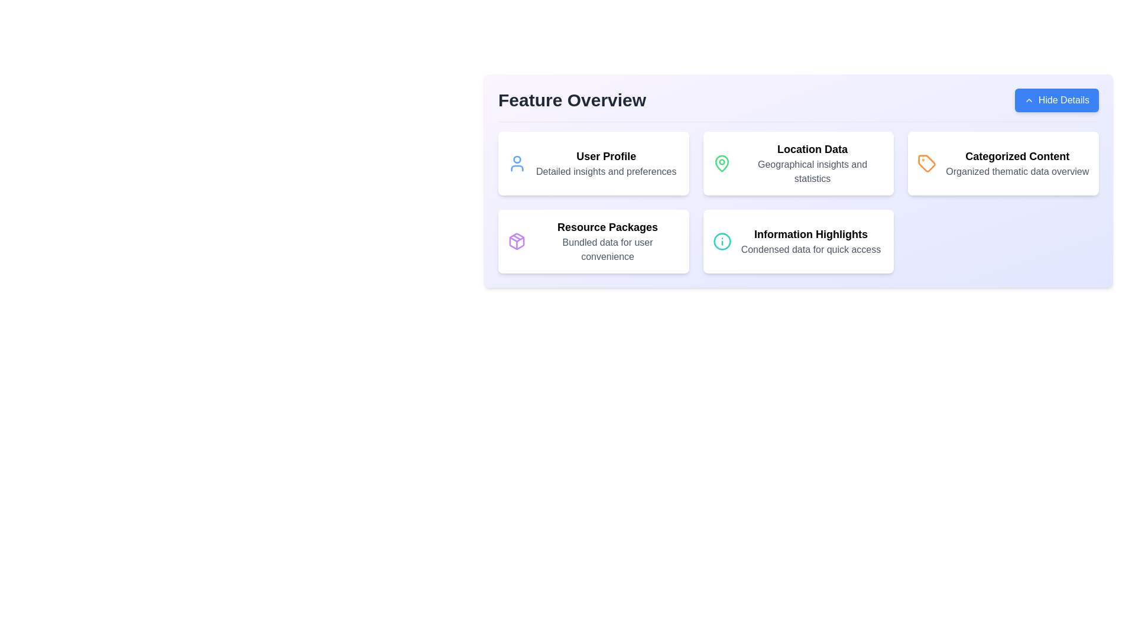 The height and width of the screenshot is (638, 1135). I want to click on the Text label that provides a brief description within the 'Information Highlights' card, located in the 'Feature Overview' section, so click(810, 249).